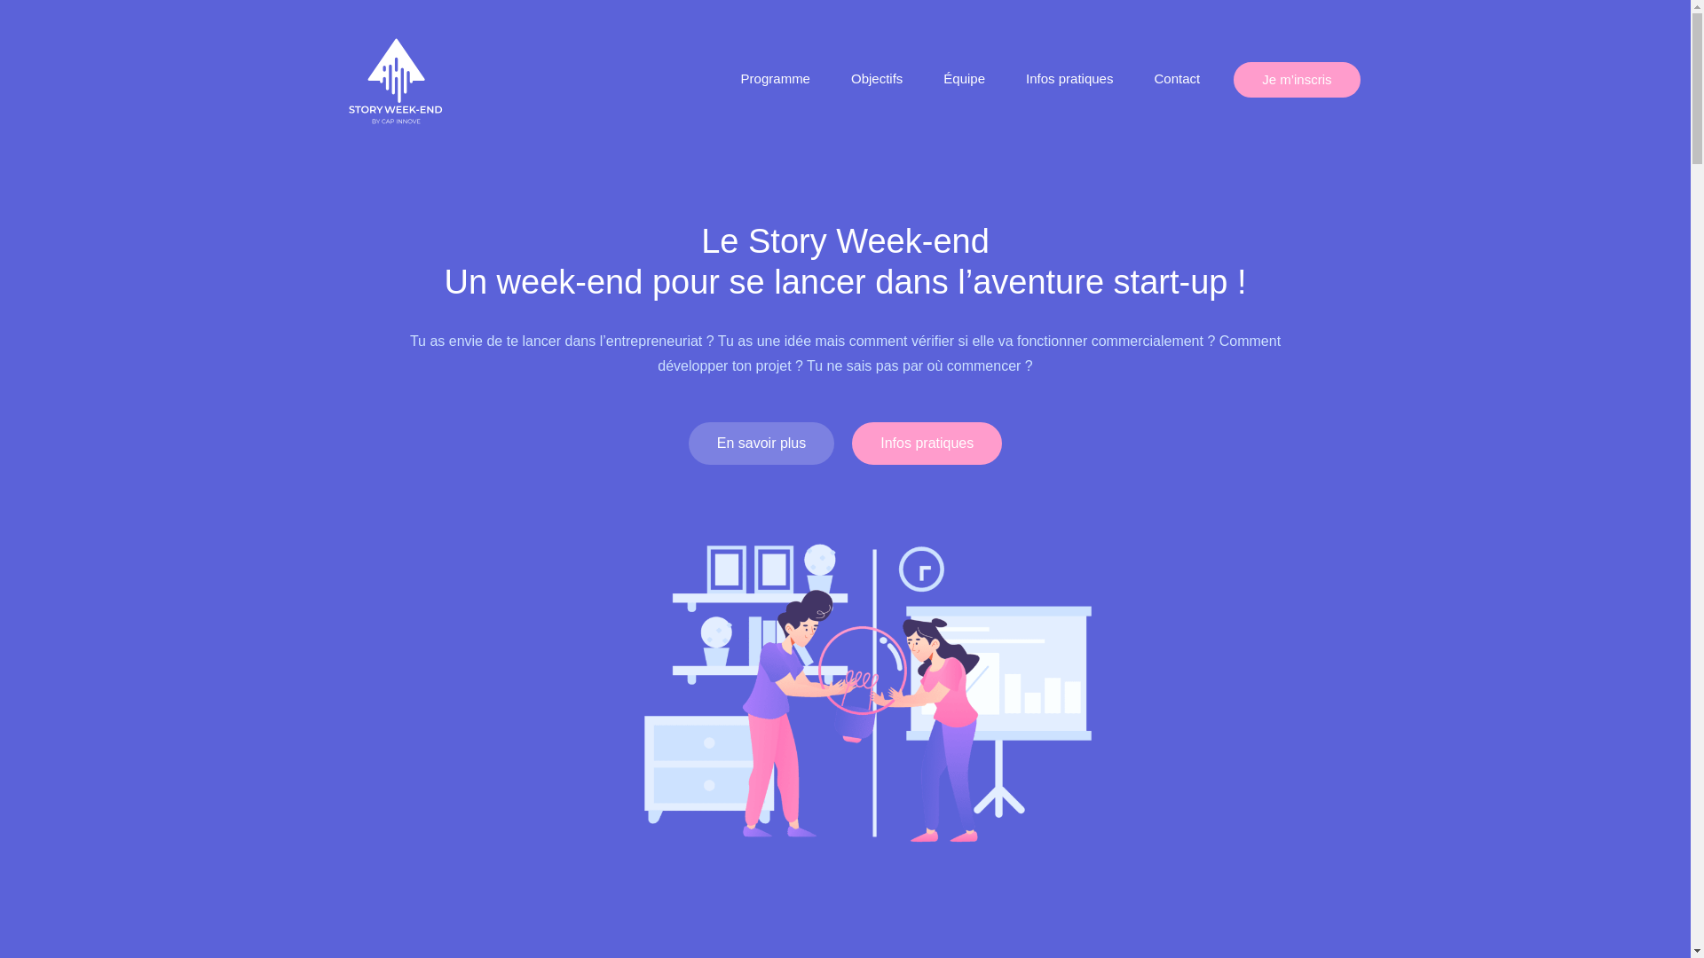 This screenshot has width=1704, height=958. Describe the element at coordinates (761, 443) in the screenshot. I see `'En savoir plus'` at that location.